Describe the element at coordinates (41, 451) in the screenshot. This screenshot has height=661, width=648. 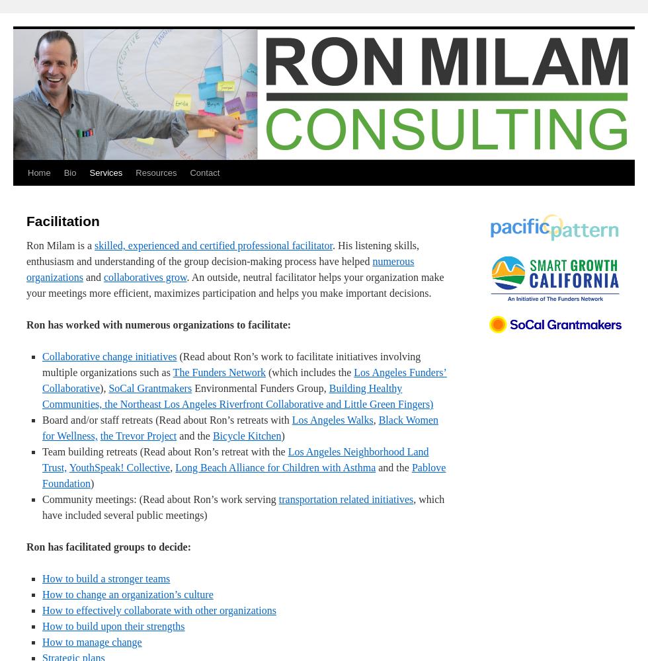
I see `'Team building retreats (Read about Ron’s retreat with the'` at that location.